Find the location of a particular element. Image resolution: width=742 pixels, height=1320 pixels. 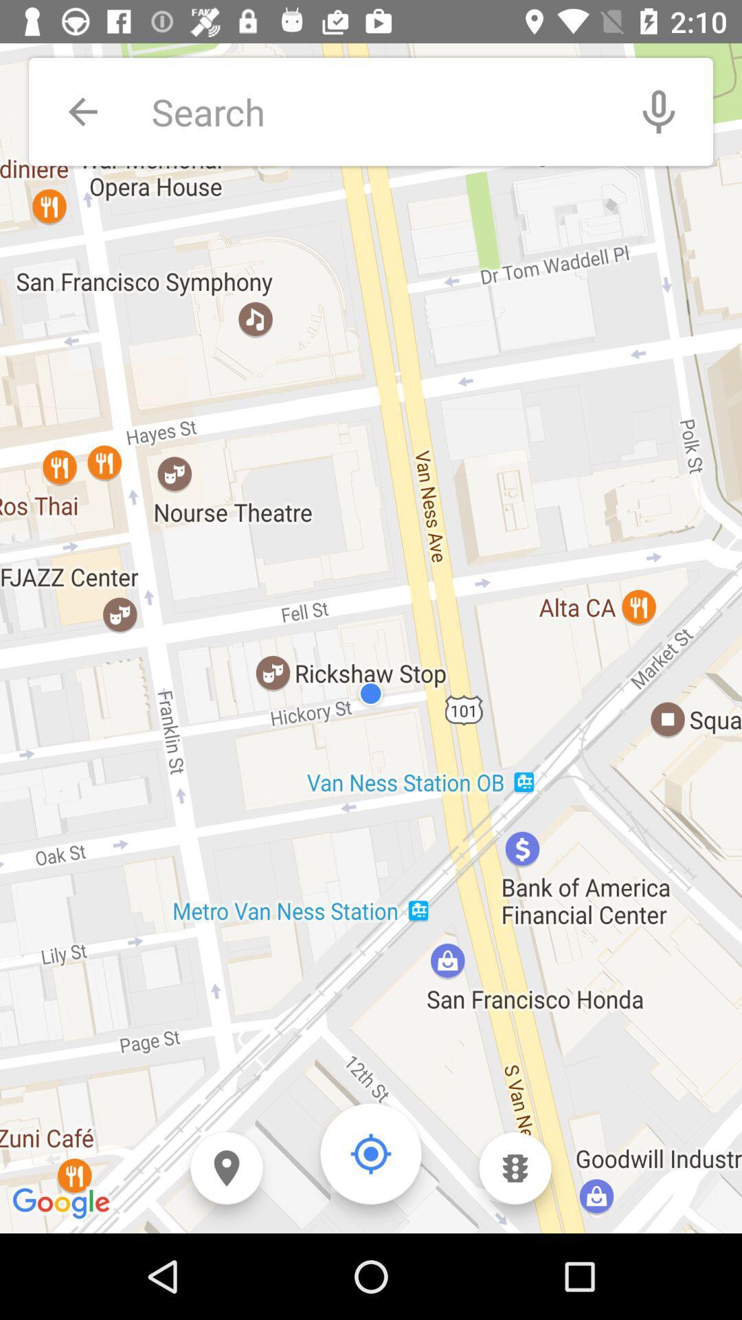

previous page is located at coordinates (82, 111).